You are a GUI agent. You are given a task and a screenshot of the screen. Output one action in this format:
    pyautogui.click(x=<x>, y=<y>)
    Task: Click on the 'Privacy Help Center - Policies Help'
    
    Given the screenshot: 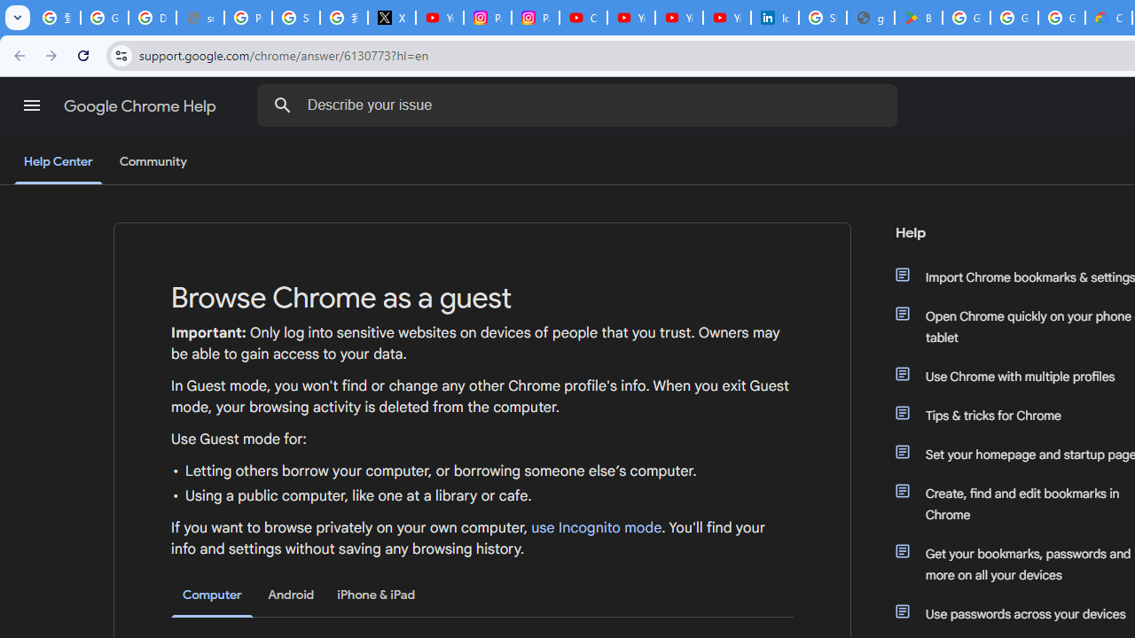 What is the action you would take?
    pyautogui.click(x=247, y=18)
    